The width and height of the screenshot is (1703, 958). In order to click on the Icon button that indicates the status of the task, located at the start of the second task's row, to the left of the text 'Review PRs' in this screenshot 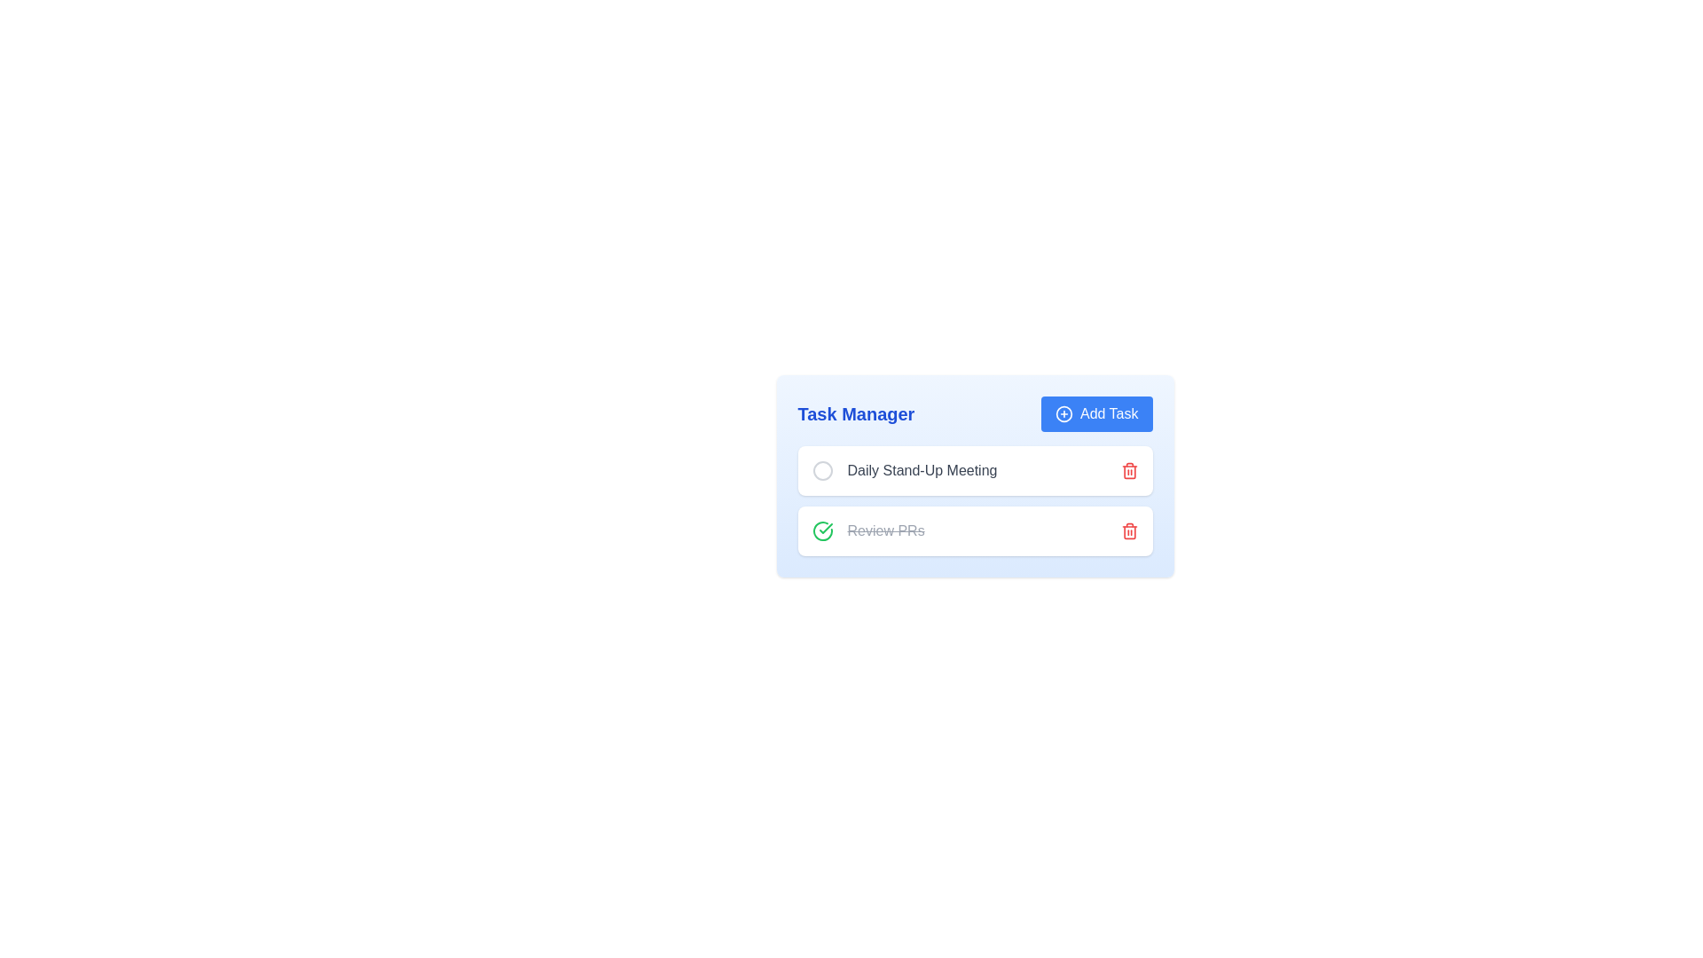, I will do `click(821, 530)`.